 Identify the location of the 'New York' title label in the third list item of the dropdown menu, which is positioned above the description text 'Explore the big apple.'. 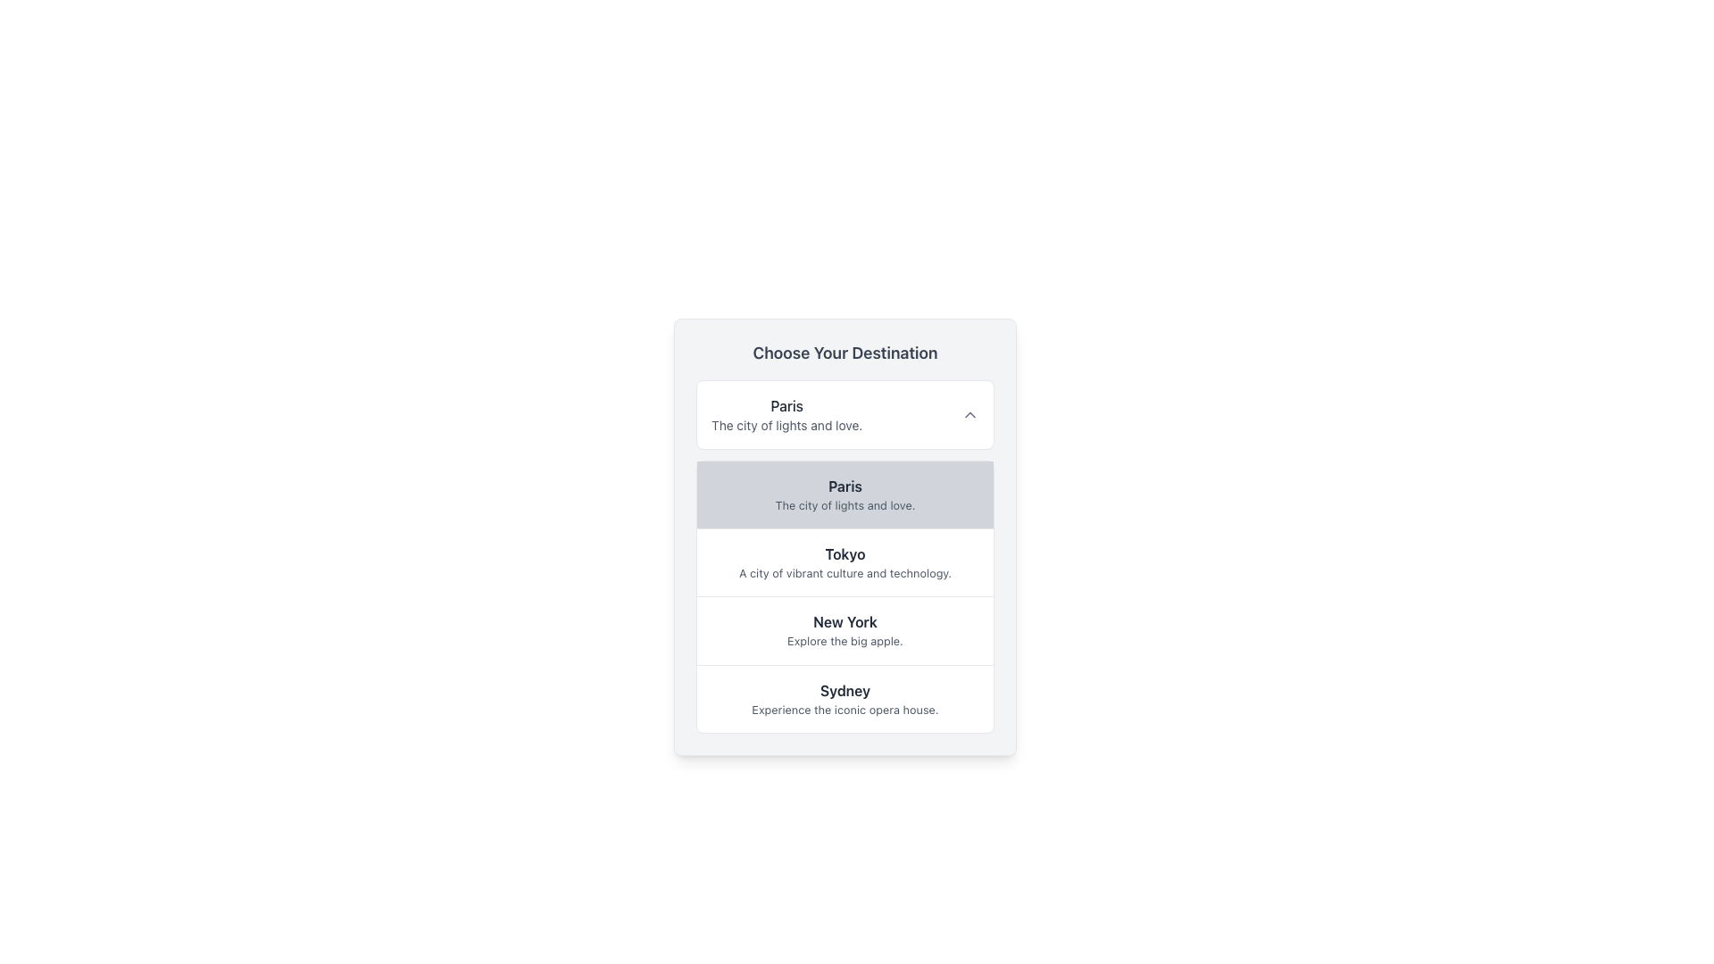
(844, 621).